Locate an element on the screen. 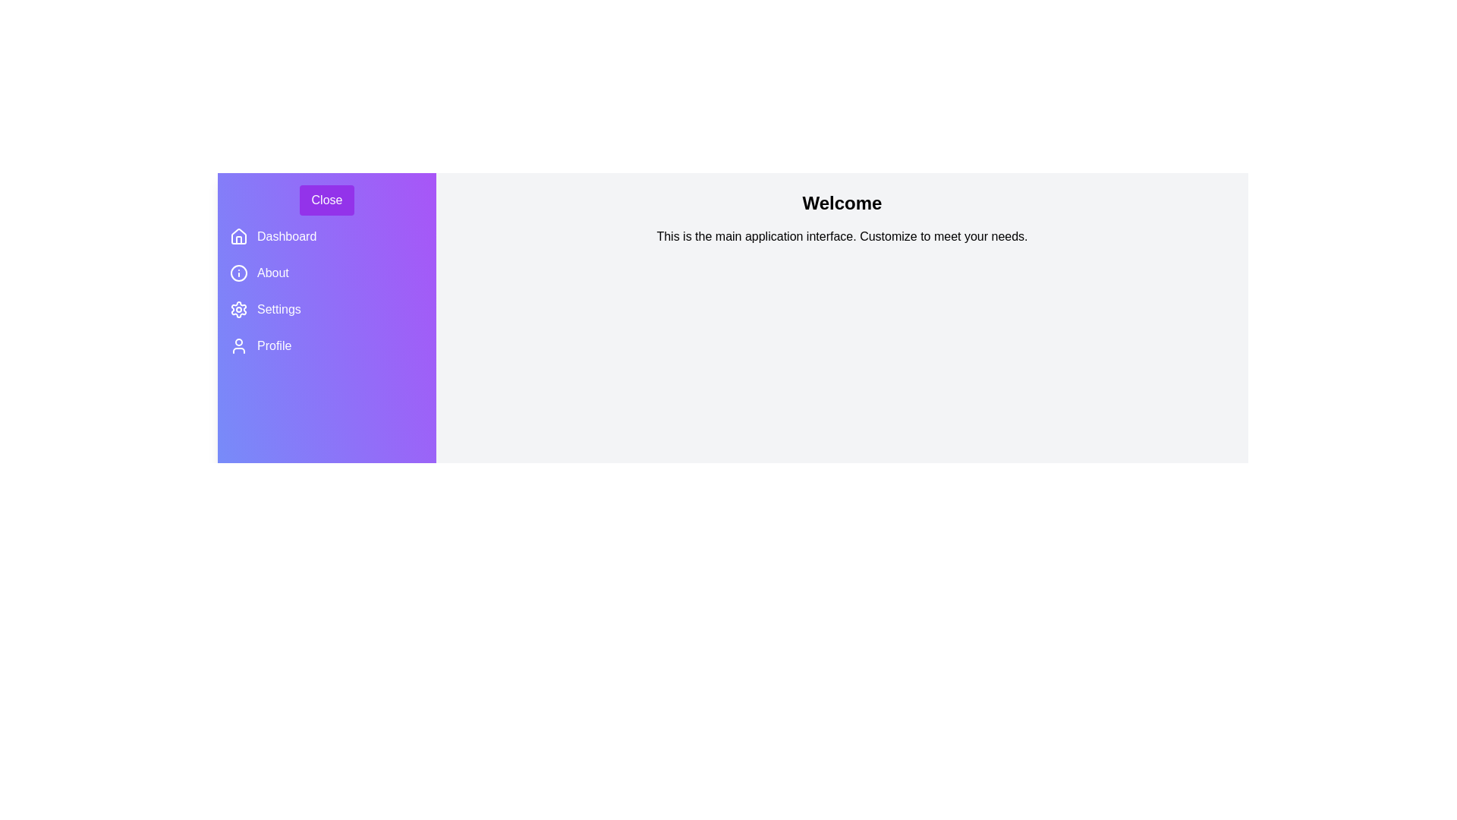 The image size is (1457, 820). 'Close' button at the top of the drawer to toggle its state is located at coordinates (326, 199).